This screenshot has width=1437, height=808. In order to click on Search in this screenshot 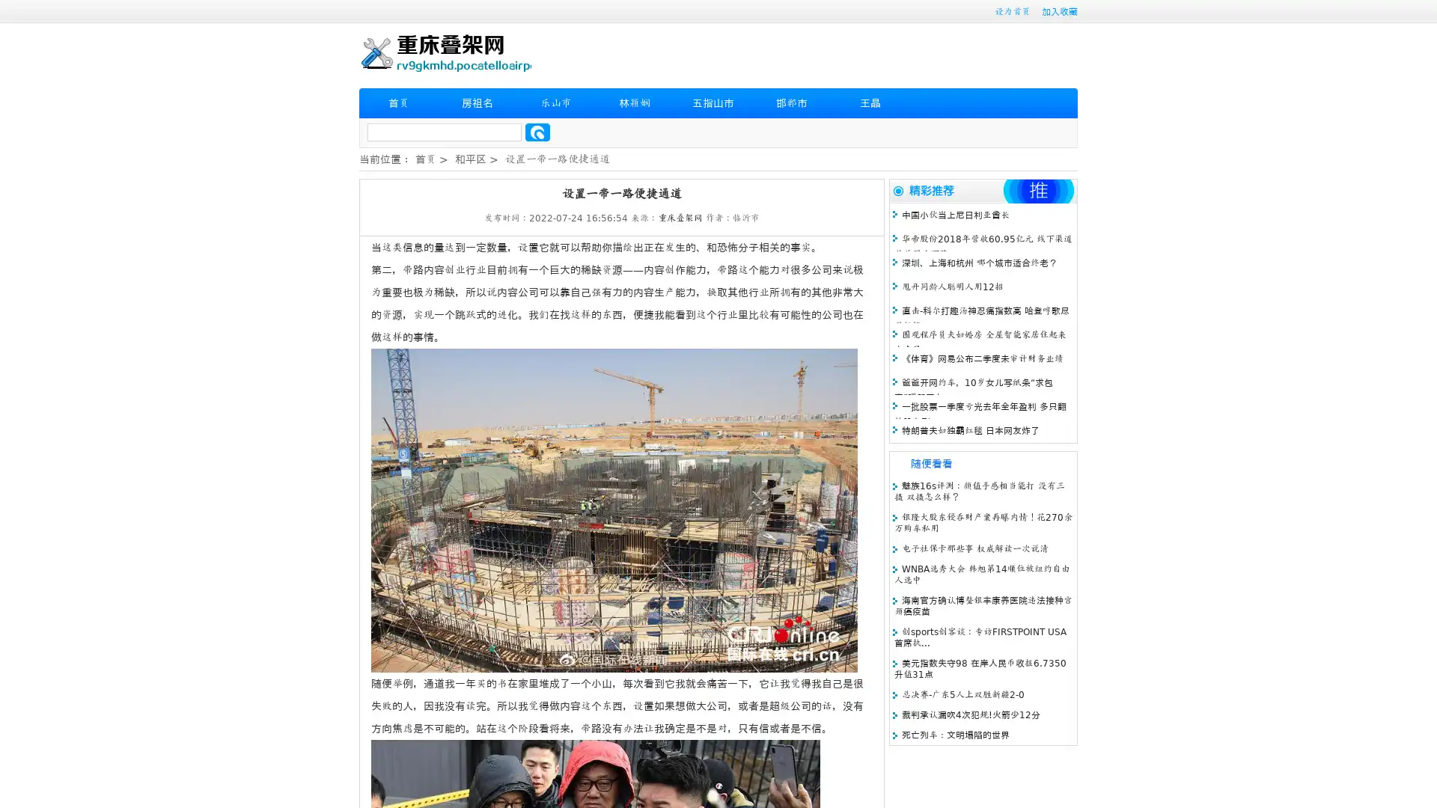, I will do `click(537, 132)`.